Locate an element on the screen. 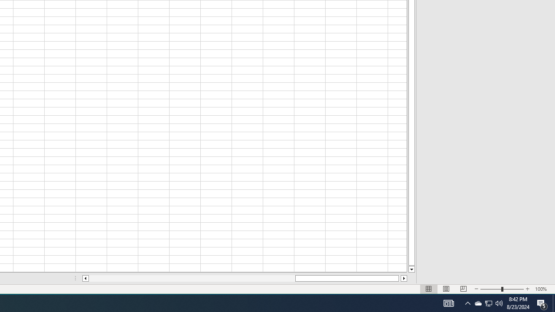 This screenshot has width=555, height=312. 'Show desktop' is located at coordinates (553, 302).